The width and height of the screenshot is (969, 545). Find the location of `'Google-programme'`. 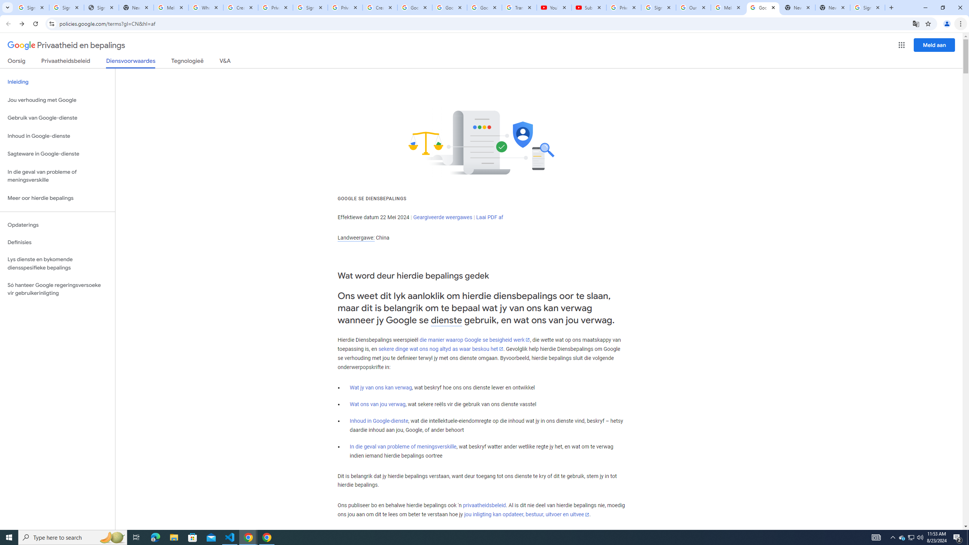

'Google-programme' is located at coordinates (902, 45).